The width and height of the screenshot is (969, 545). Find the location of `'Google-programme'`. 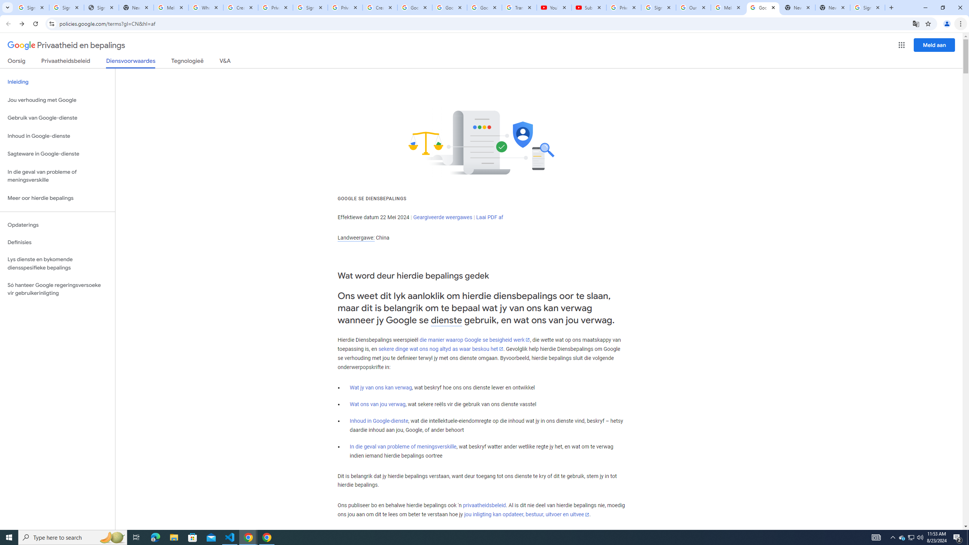

'Google-programme' is located at coordinates (902, 45).